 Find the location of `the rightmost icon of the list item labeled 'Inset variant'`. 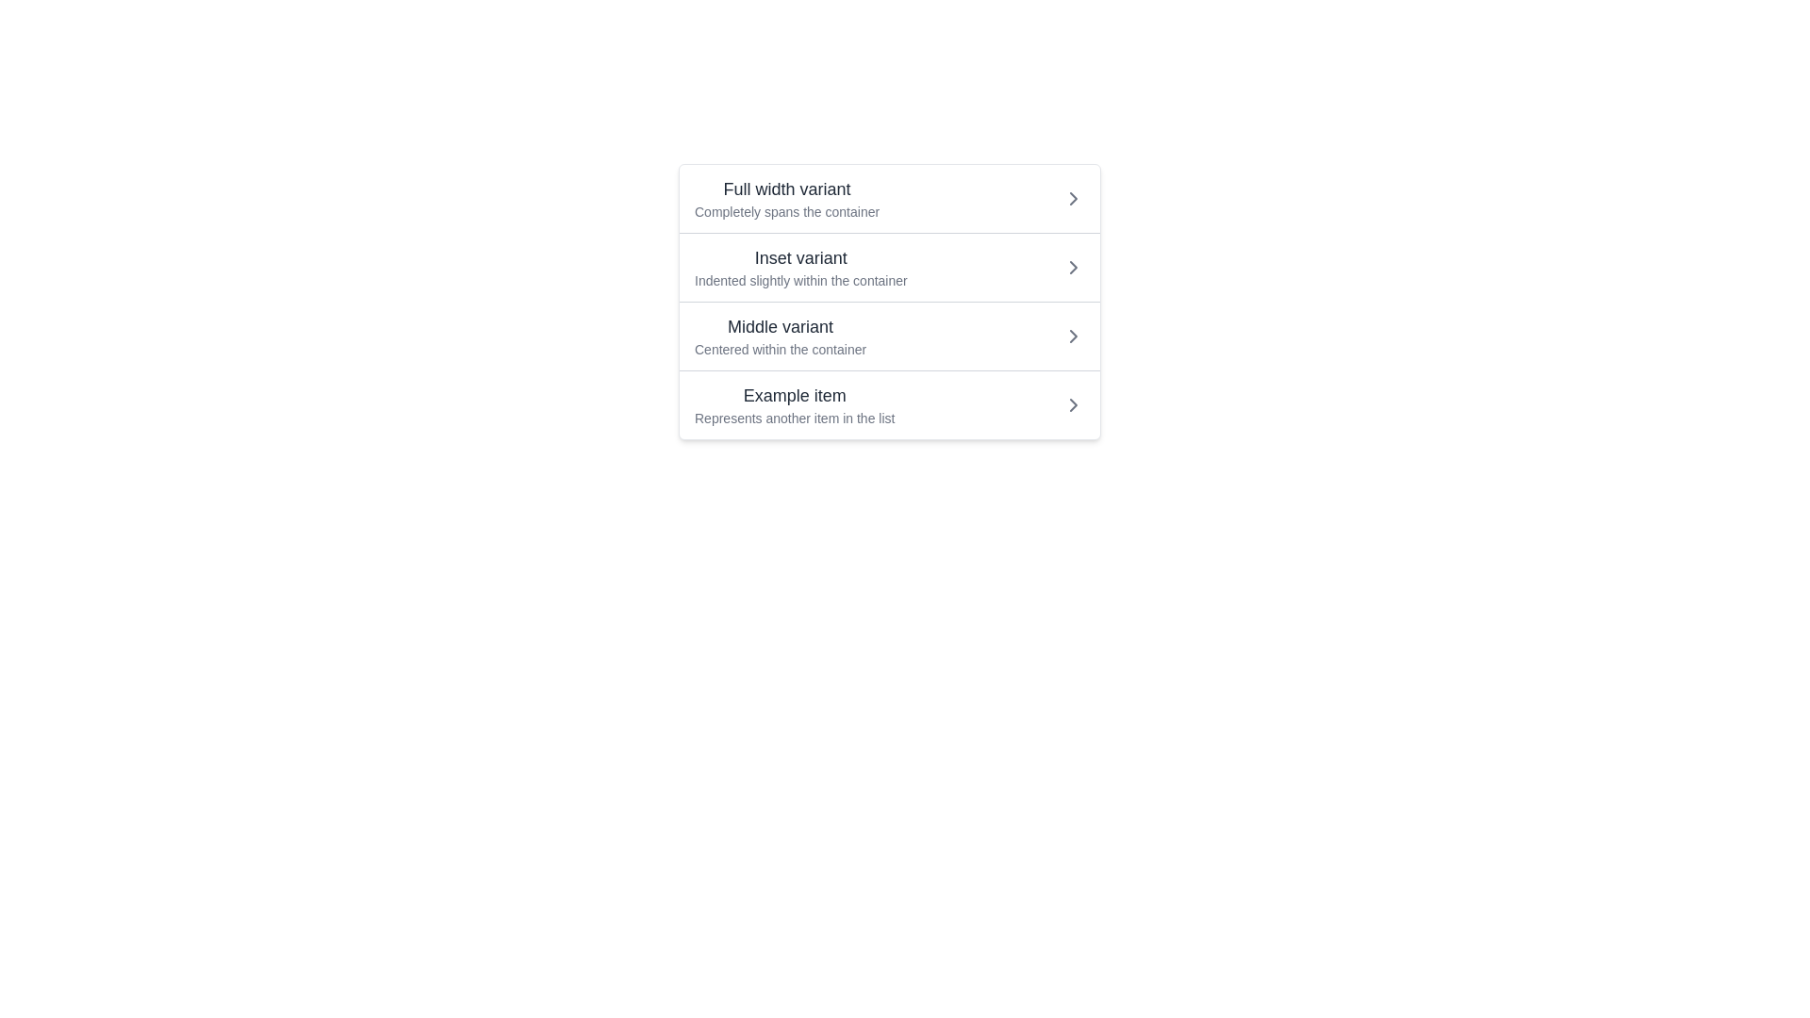

the rightmost icon of the list item labeled 'Inset variant' is located at coordinates (1073, 268).